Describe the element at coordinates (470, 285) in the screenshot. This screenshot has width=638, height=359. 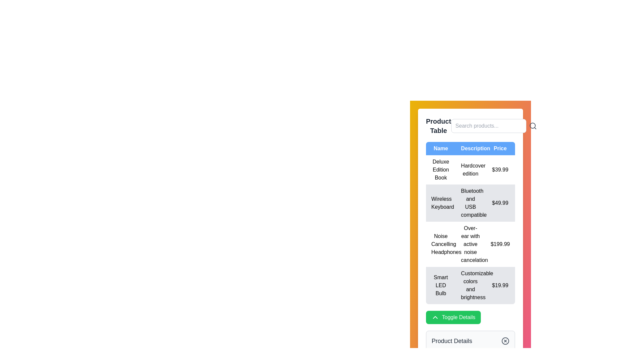
I see `the fourth row in the product information table for the 'Smart LED Bulb'` at that location.